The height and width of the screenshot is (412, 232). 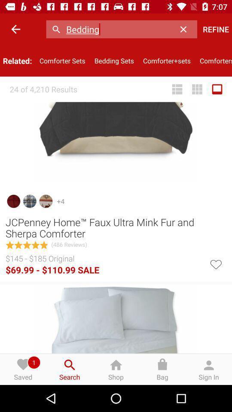 What do you see at coordinates (217, 89) in the screenshot?
I see `the item above jcpenney home faux item` at bounding box center [217, 89].